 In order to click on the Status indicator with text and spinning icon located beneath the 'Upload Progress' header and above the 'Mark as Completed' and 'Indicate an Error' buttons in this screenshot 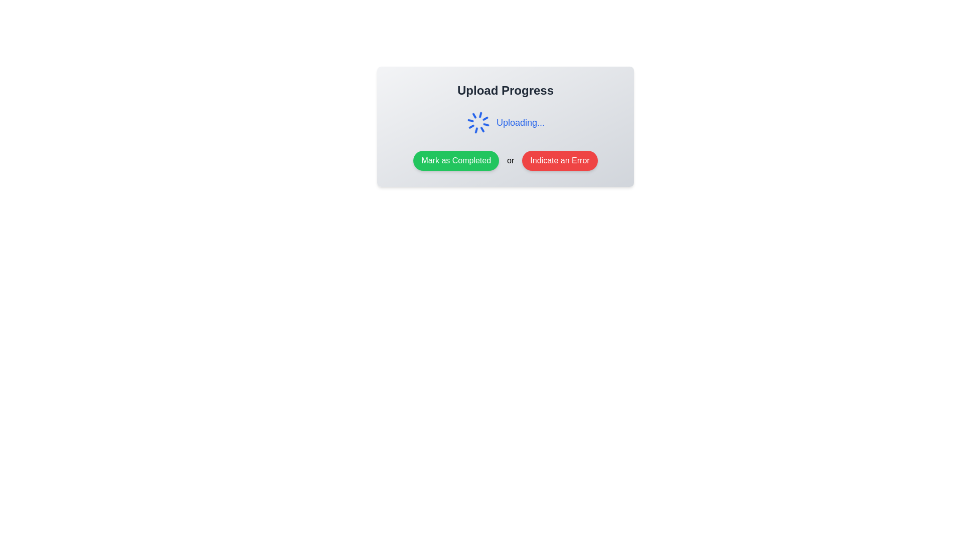, I will do `click(506, 122)`.